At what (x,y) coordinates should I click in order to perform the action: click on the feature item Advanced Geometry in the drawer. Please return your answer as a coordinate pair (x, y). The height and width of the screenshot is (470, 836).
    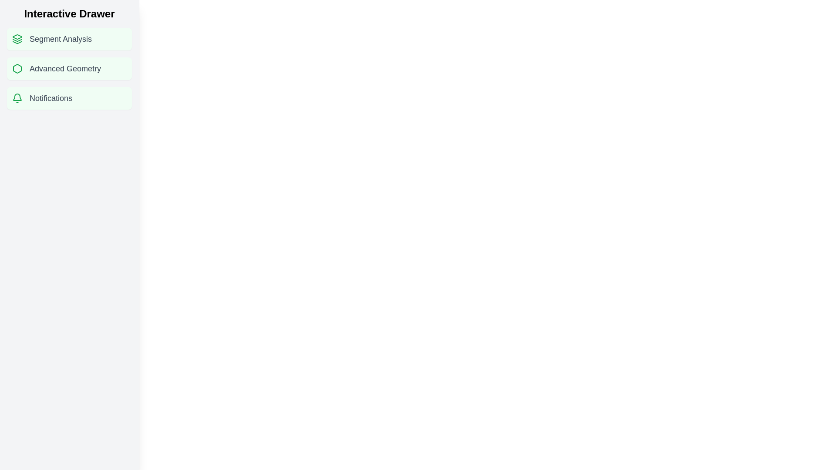
    Looking at the image, I should click on (69, 68).